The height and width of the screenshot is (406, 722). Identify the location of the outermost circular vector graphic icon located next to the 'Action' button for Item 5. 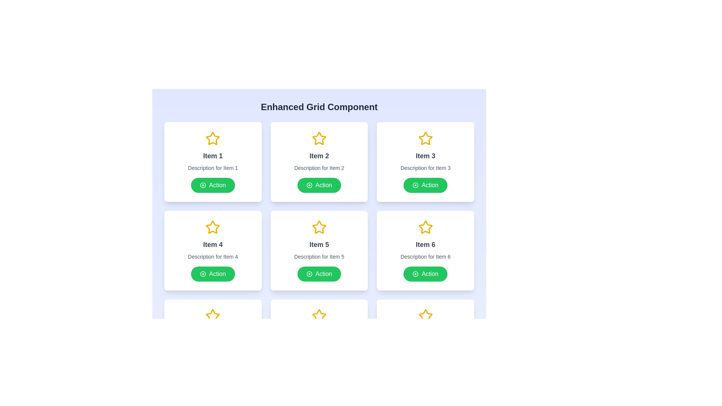
(309, 274).